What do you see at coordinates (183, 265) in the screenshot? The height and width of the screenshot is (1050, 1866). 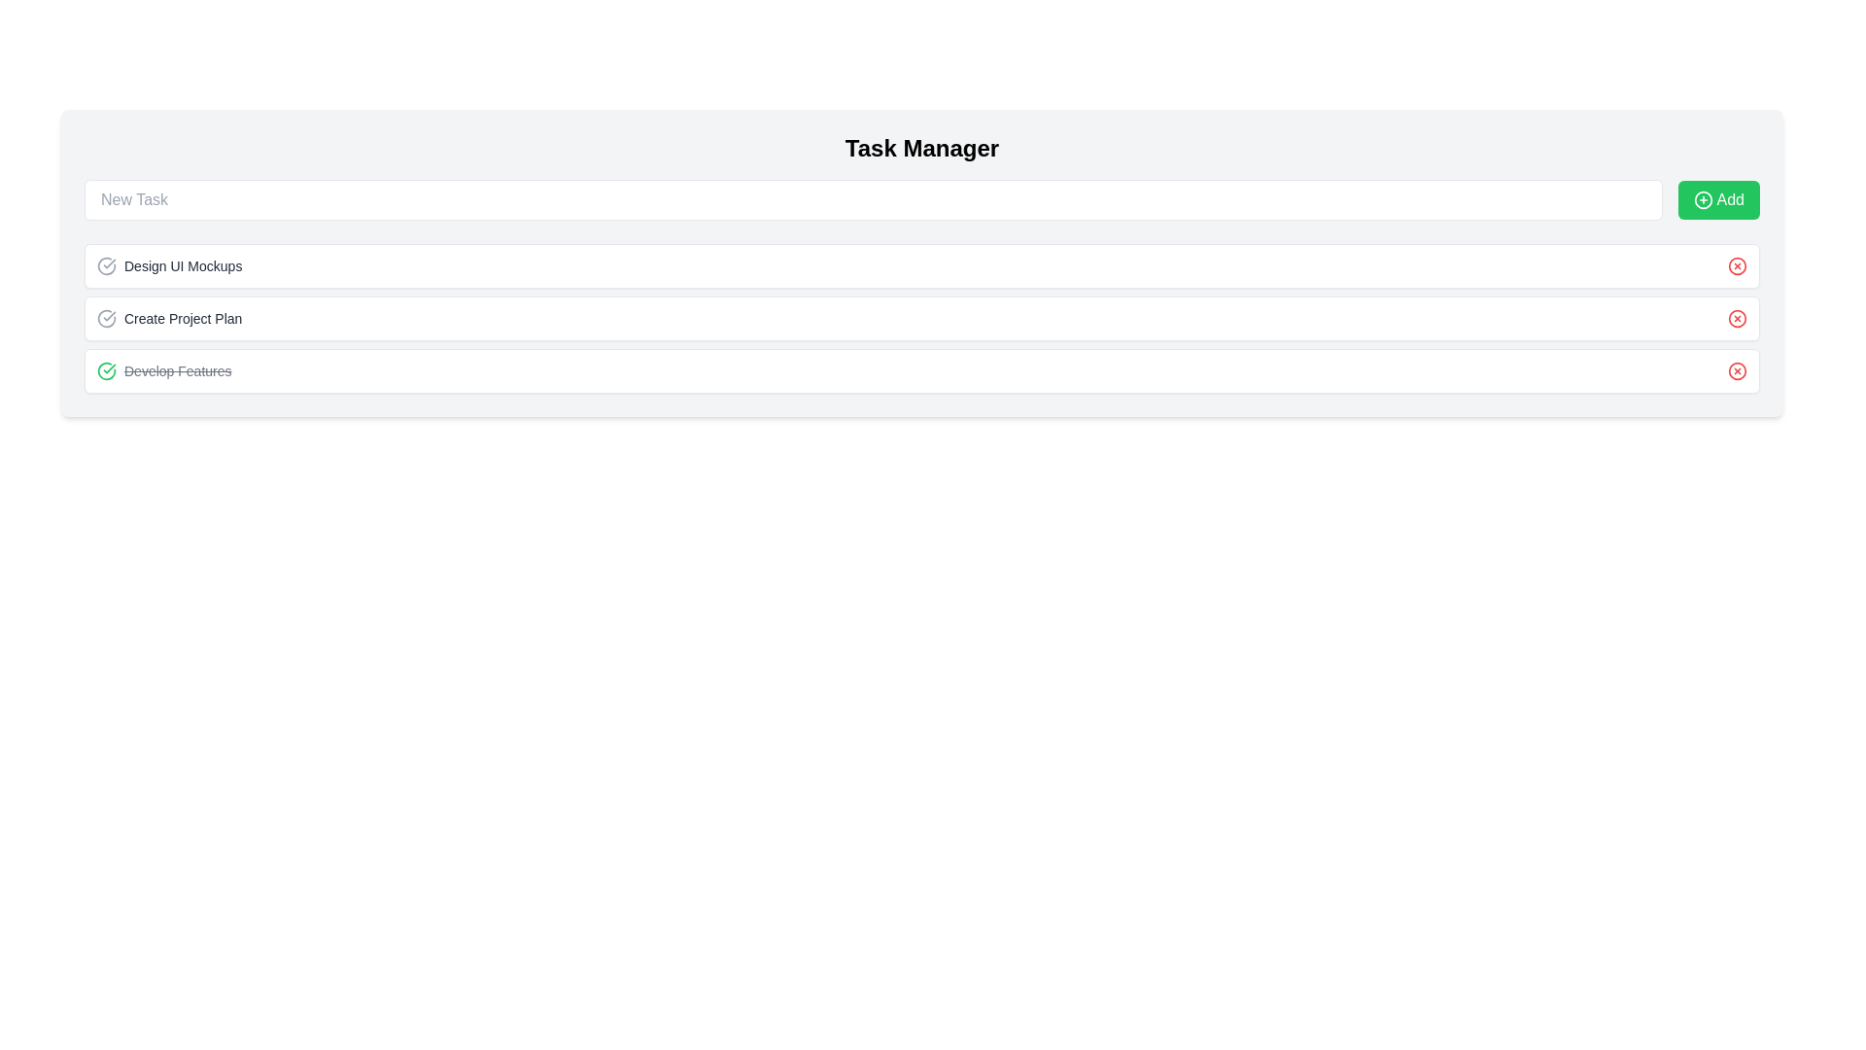 I see `the text label that describes a task entry in the task manager interface, located to the right of the circular checkmark icon` at bounding box center [183, 265].